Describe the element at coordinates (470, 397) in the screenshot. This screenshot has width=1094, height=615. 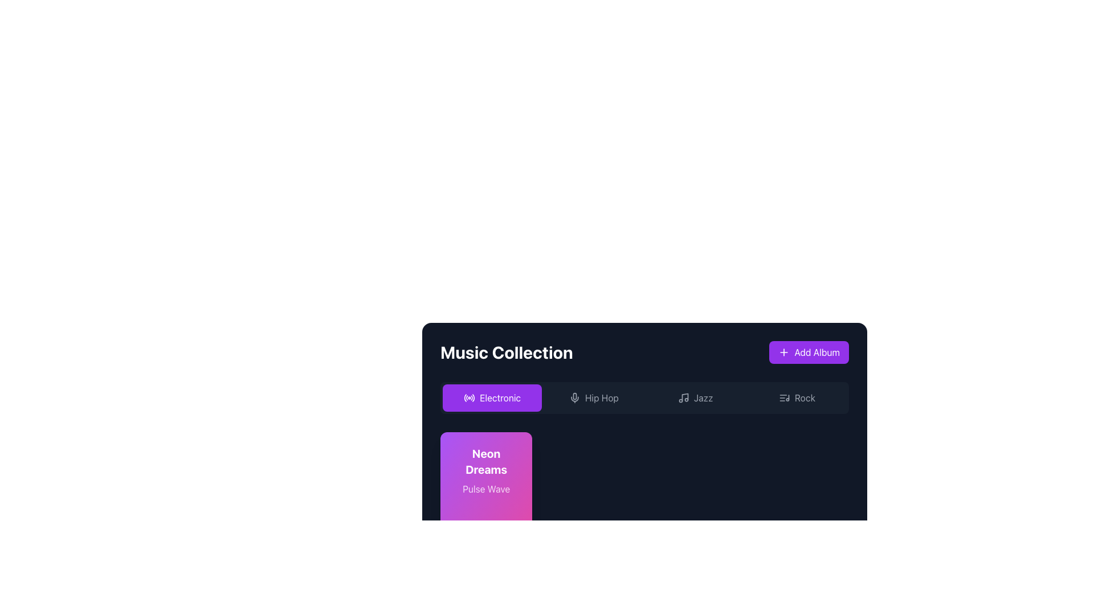
I see `the radio signal icon located to the left of the text 'Electronic' within the purple button in the top-left quadrant of the interface under 'Music Collection'` at that location.